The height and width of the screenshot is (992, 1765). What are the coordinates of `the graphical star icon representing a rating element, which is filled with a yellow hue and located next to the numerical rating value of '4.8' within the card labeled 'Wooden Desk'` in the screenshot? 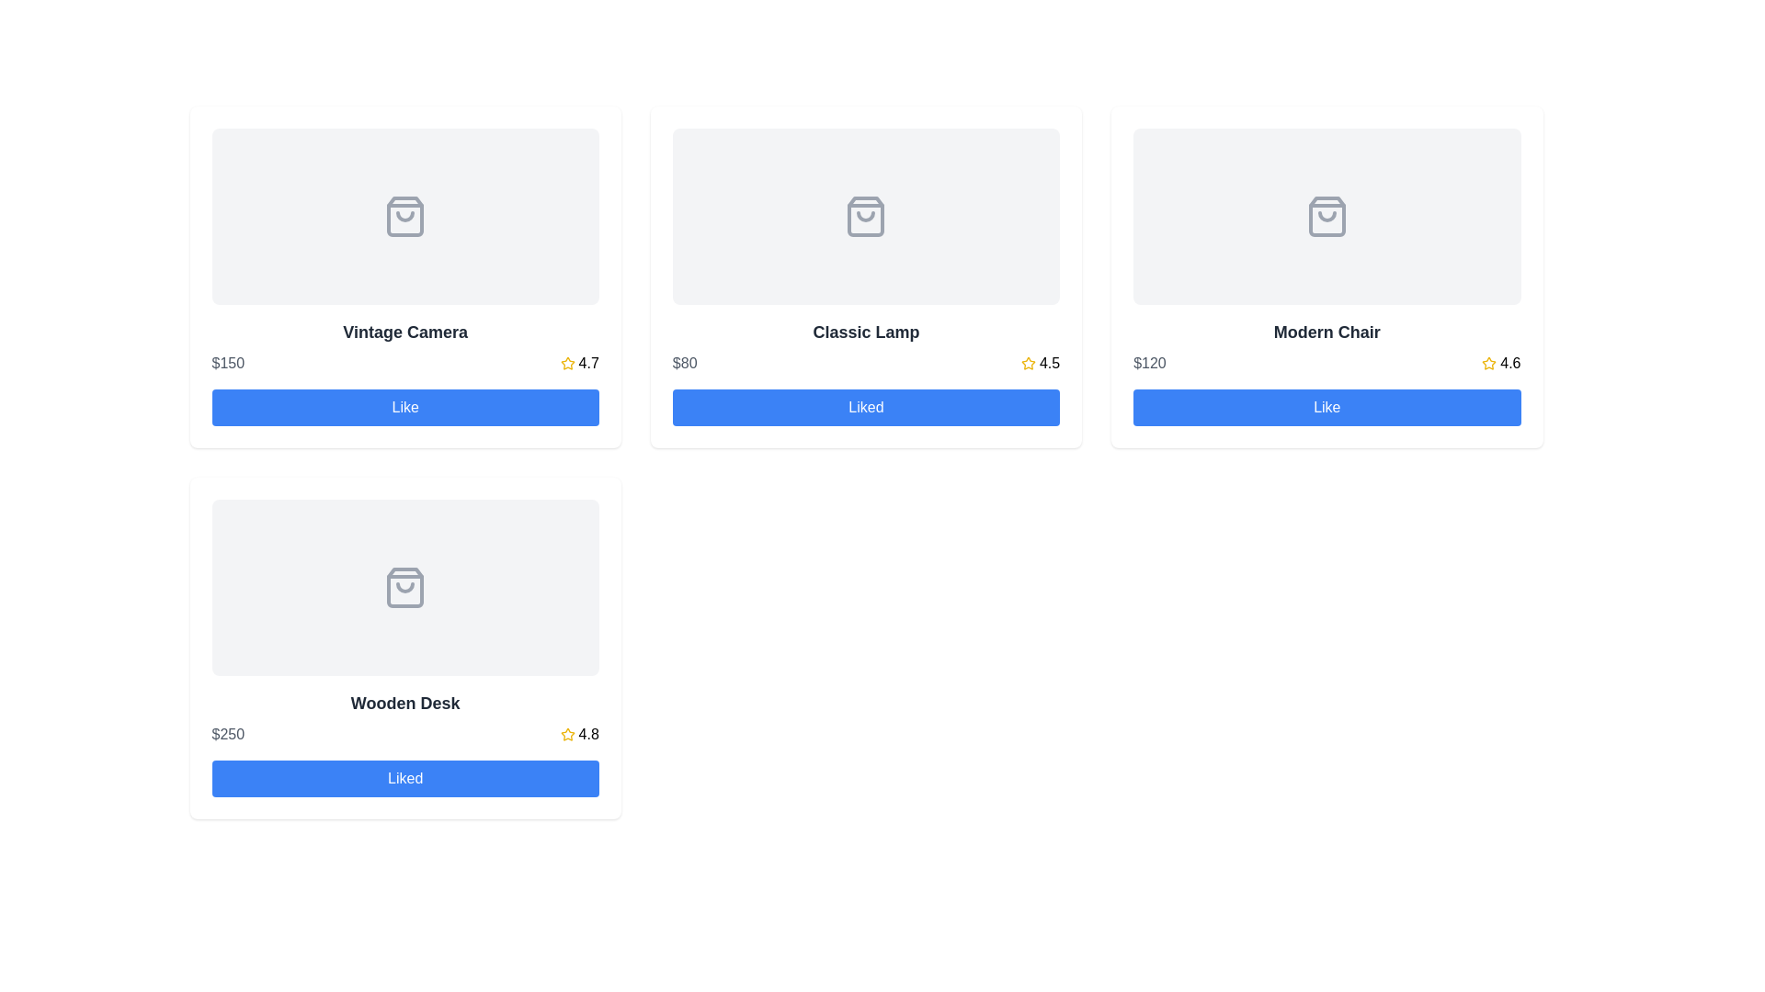 It's located at (566, 733).